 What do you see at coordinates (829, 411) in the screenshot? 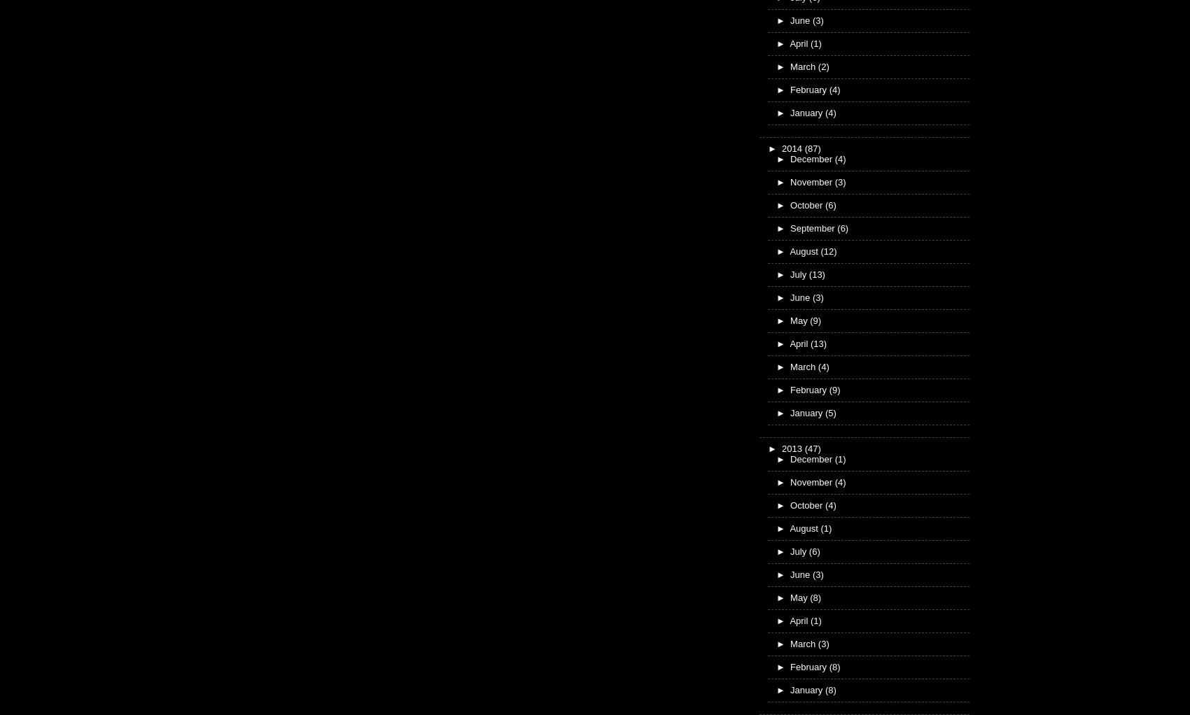
I see `'(5)'` at bounding box center [829, 411].